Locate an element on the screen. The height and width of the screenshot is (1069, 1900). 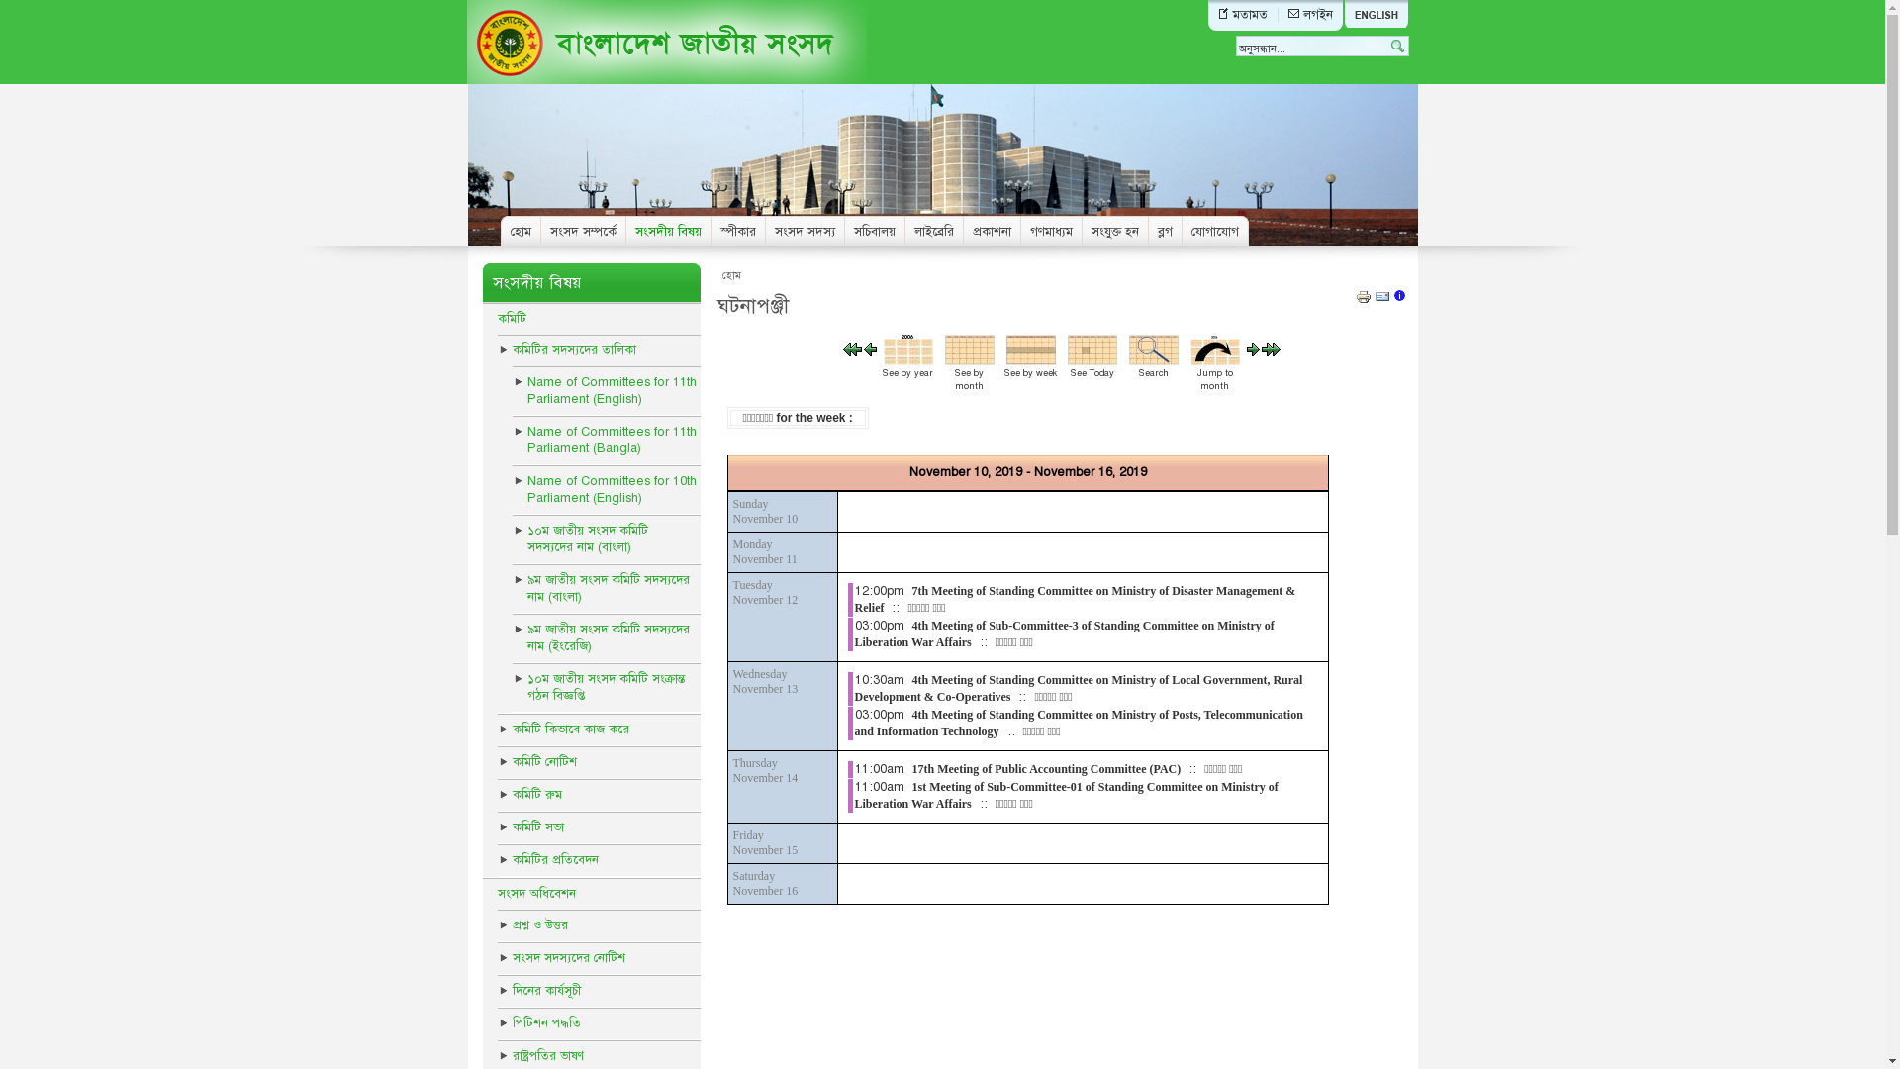
'Previous week' is located at coordinates (870, 350).